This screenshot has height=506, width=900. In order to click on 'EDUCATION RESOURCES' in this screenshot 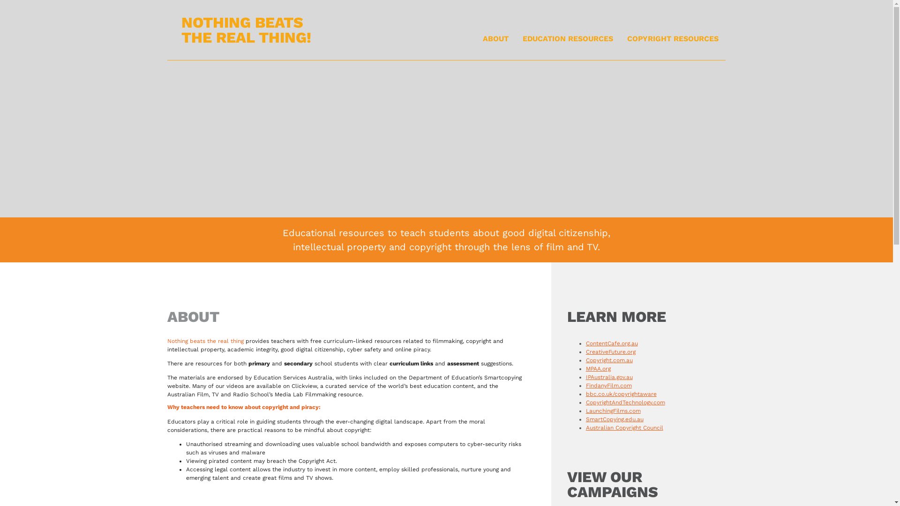, I will do `click(567, 38)`.